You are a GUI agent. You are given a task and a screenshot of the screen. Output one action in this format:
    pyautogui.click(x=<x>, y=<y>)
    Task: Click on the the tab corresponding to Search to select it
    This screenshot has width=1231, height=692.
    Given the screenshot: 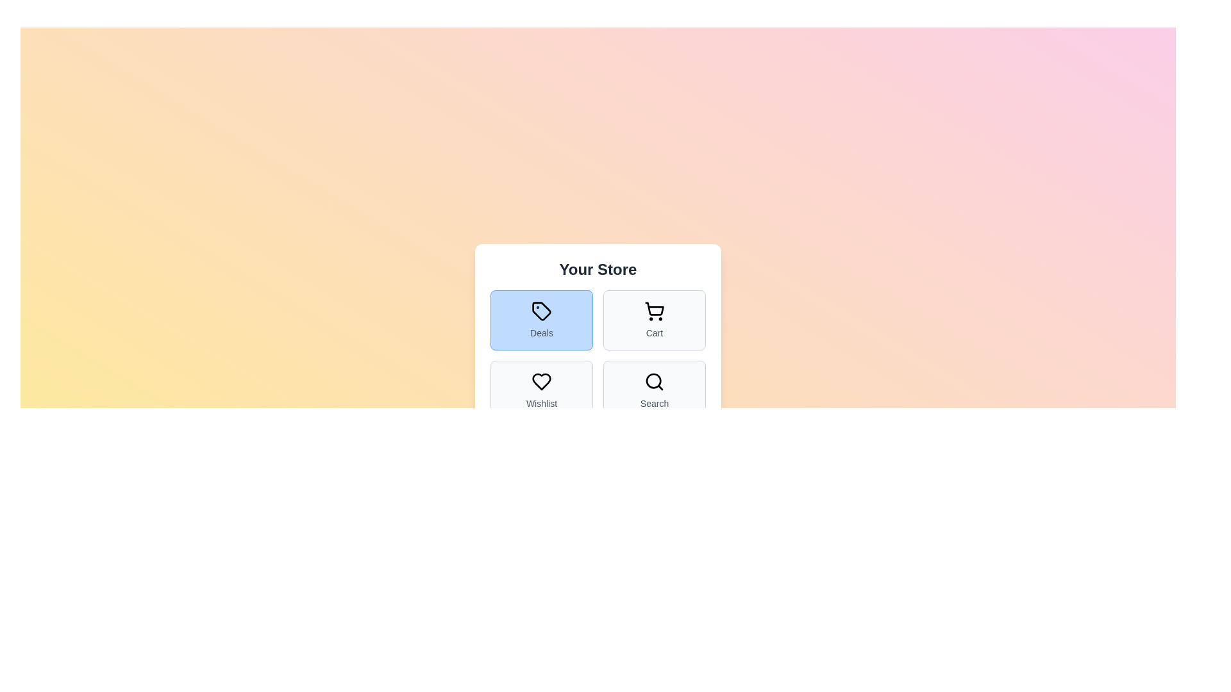 What is the action you would take?
    pyautogui.click(x=655, y=390)
    